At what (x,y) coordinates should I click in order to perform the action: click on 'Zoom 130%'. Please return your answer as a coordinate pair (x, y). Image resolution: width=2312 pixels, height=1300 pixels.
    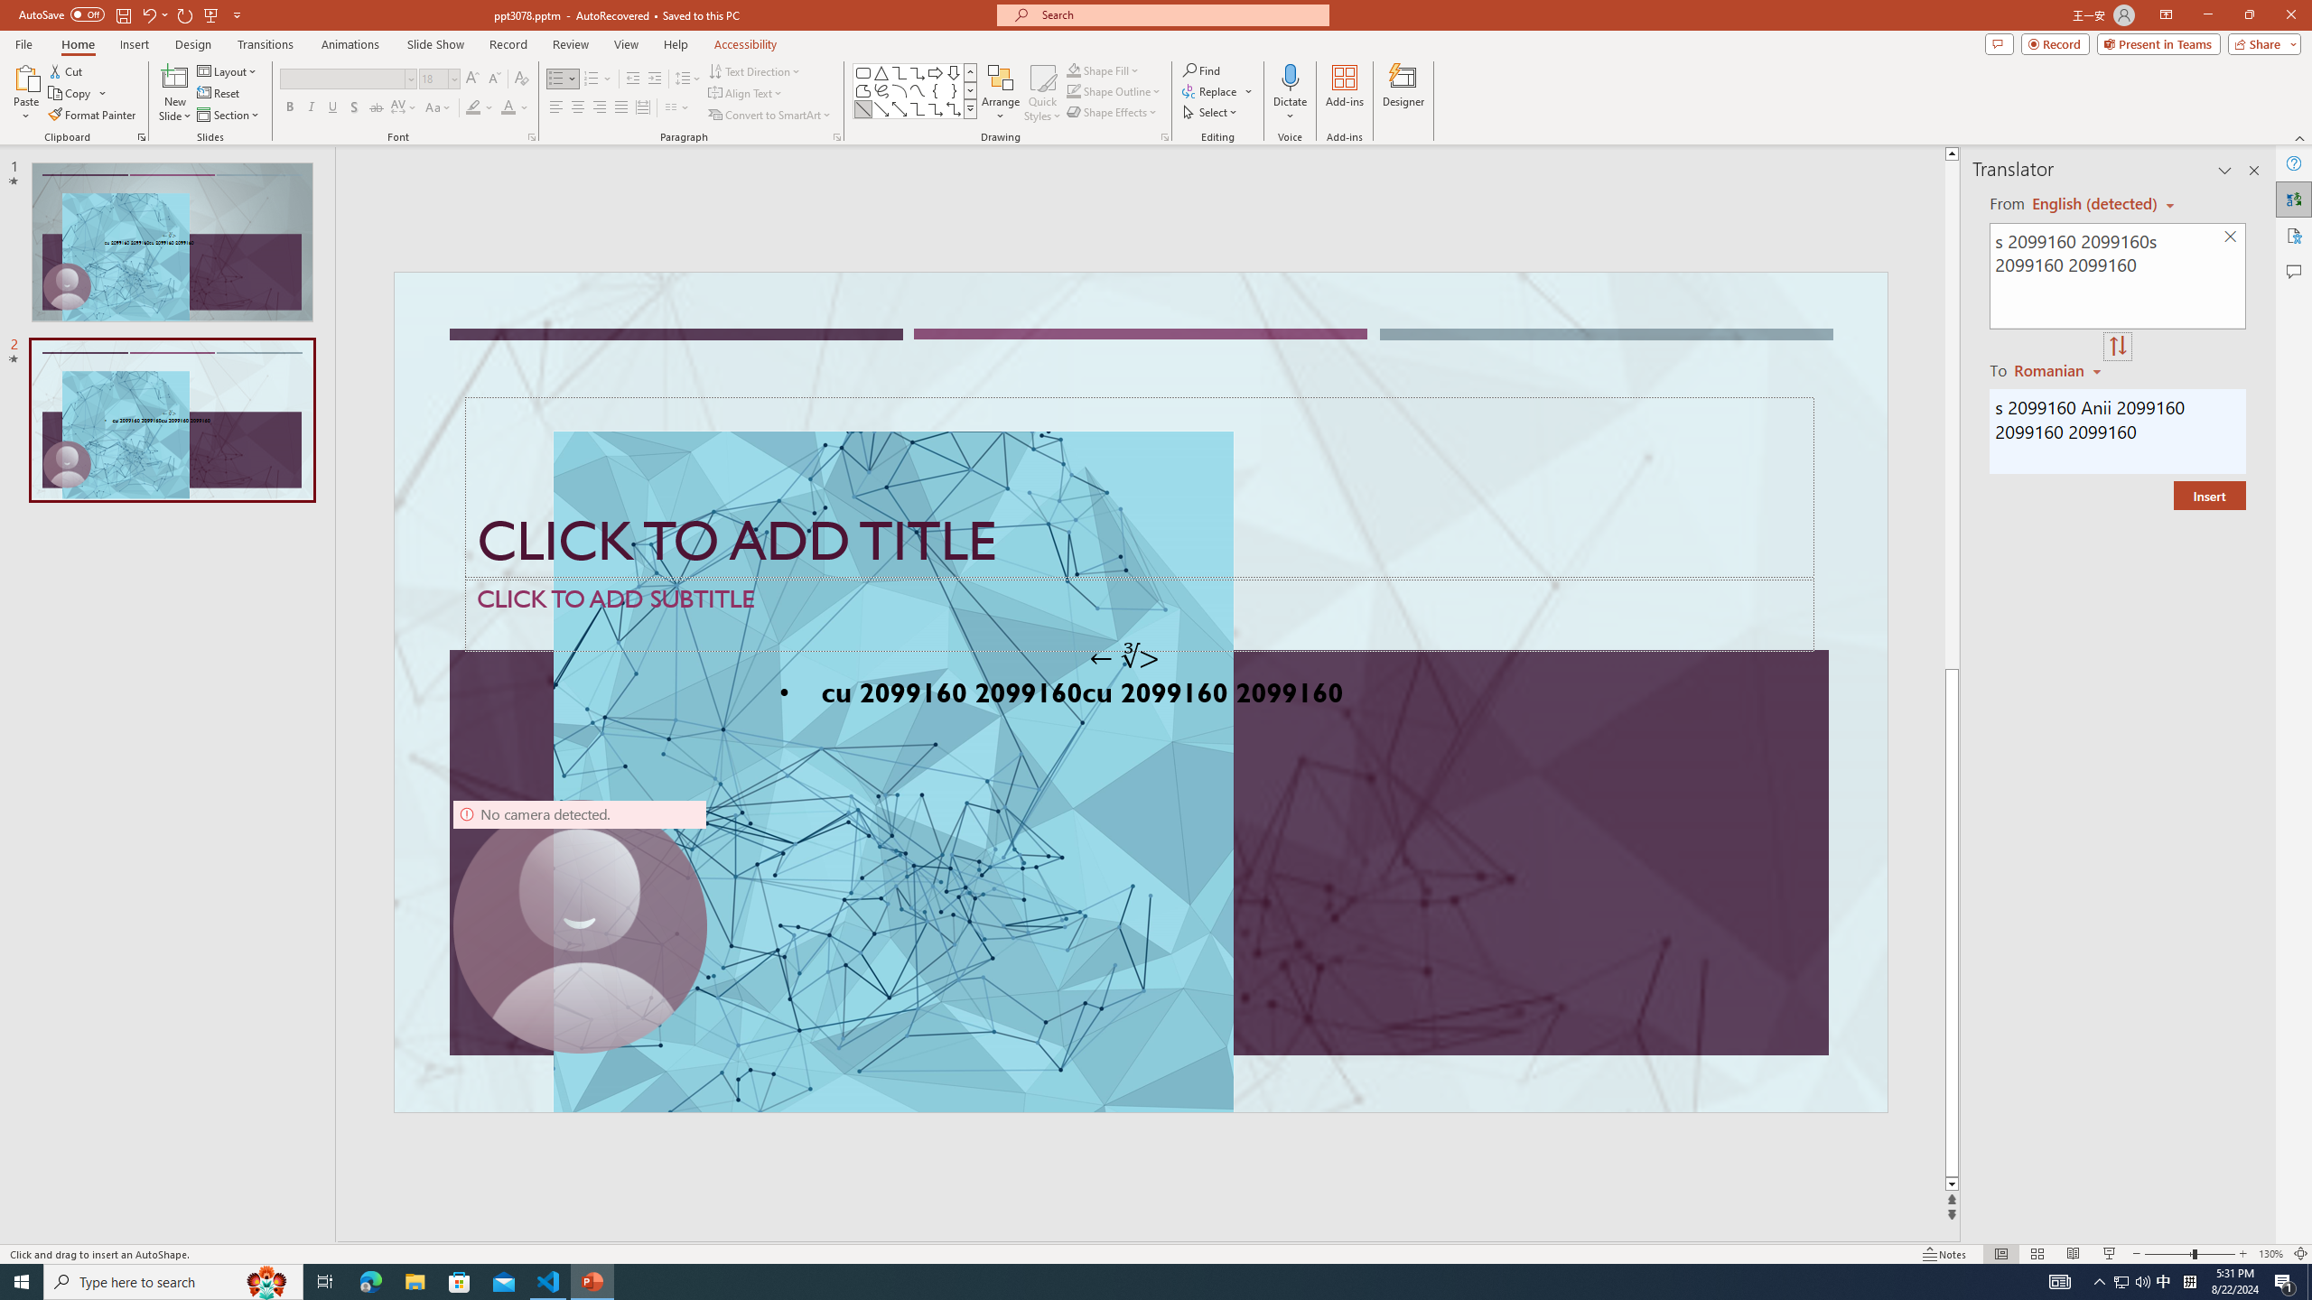
    Looking at the image, I should click on (2271, 1254).